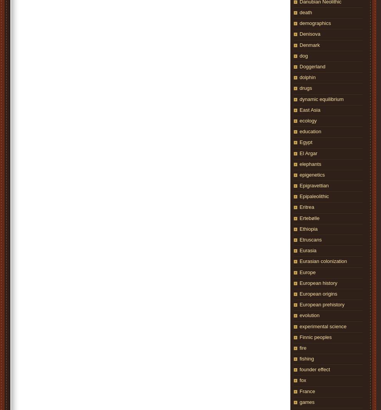 This screenshot has width=381, height=410. What do you see at coordinates (299, 109) in the screenshot?
I see `'East Asia'` at bounding box center [299, 109].